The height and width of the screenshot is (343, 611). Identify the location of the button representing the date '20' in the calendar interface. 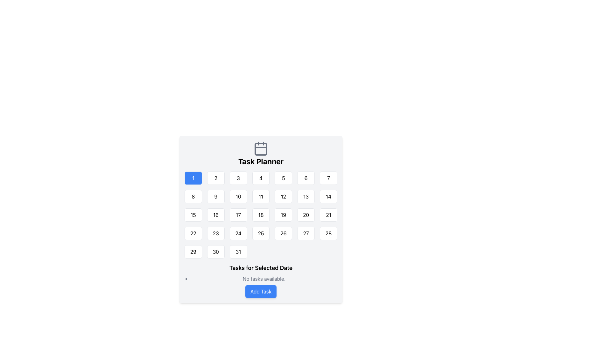
(306, 215).